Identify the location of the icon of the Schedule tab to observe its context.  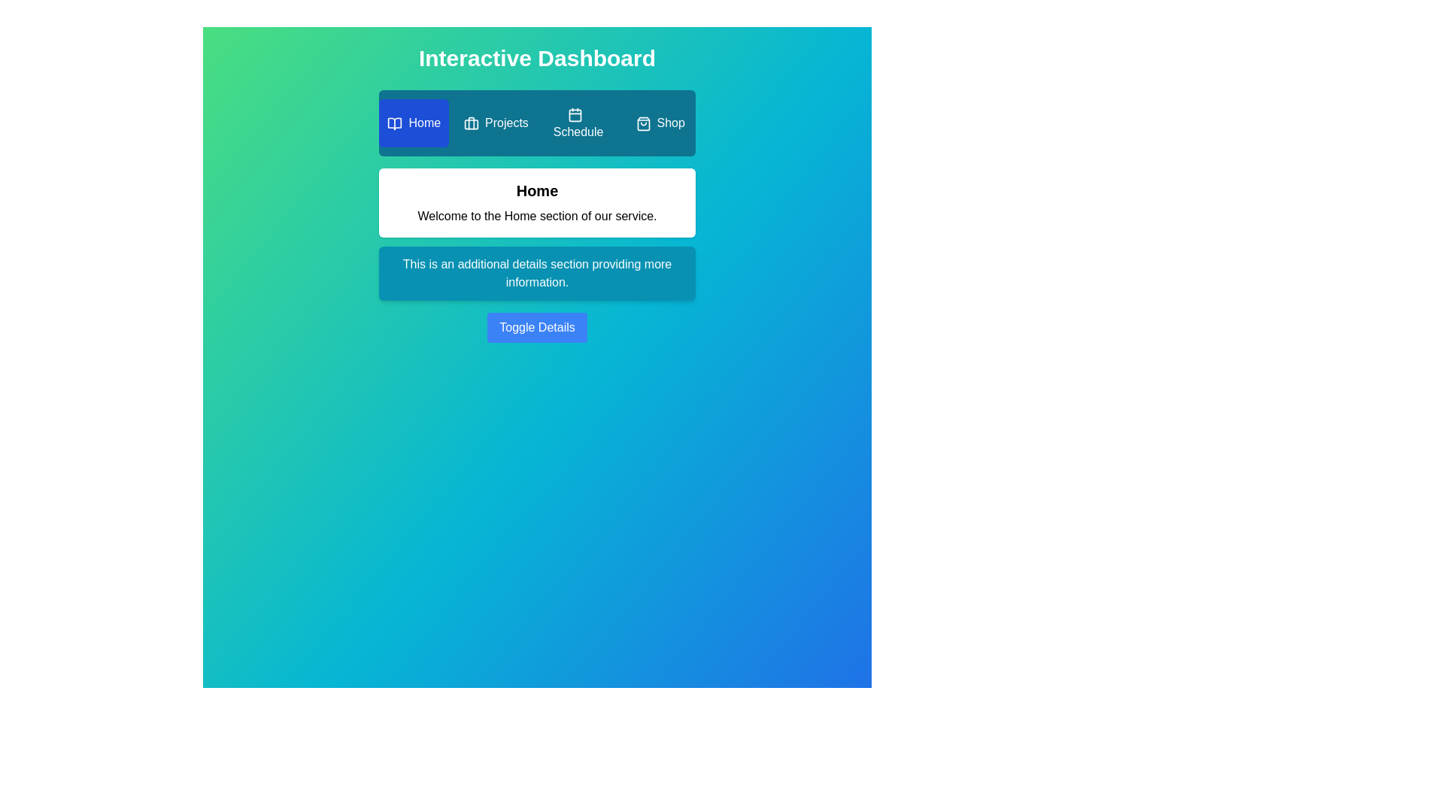
(575, 114).